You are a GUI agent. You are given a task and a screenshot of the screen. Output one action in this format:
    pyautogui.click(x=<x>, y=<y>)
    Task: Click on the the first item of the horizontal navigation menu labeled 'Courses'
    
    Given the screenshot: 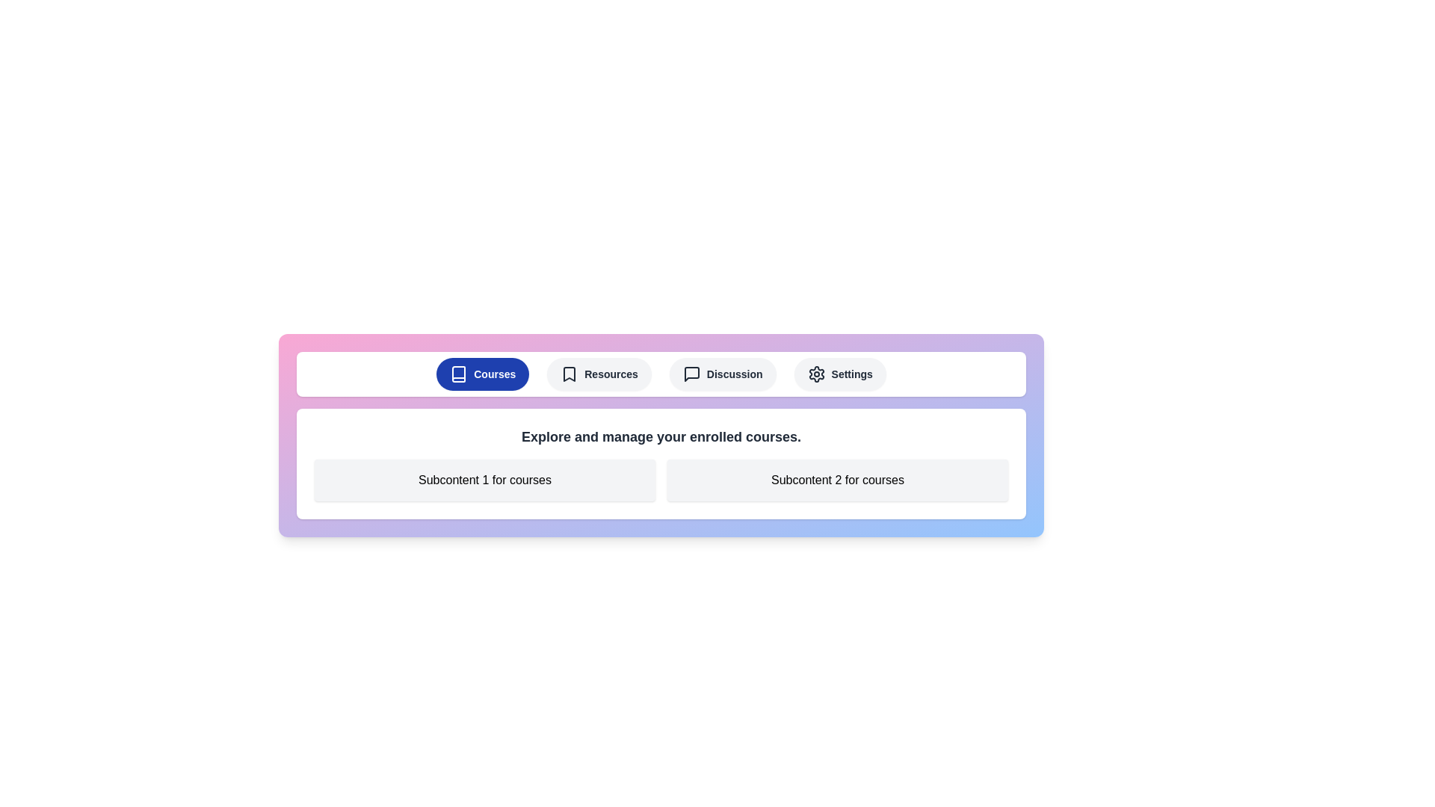 What is the action you would take?
    pyautogui.click(x=660, y=374)
    